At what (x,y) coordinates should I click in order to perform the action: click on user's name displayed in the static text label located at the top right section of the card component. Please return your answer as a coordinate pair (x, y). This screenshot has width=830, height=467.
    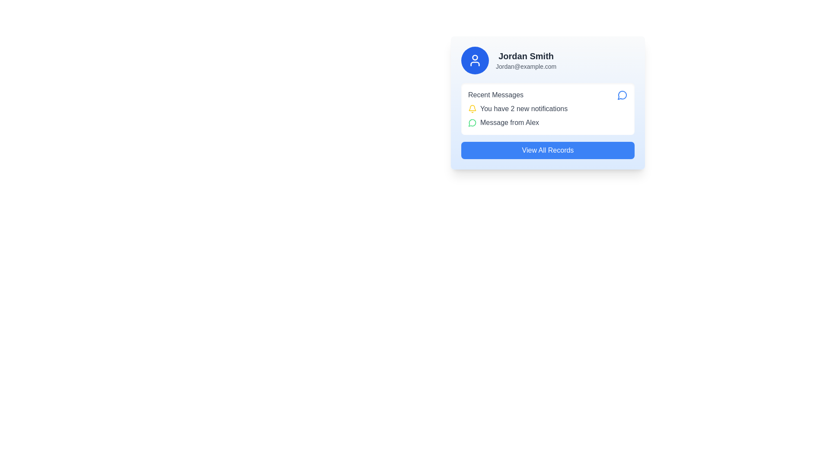
    Looking at the image, I should click on (526, 56).